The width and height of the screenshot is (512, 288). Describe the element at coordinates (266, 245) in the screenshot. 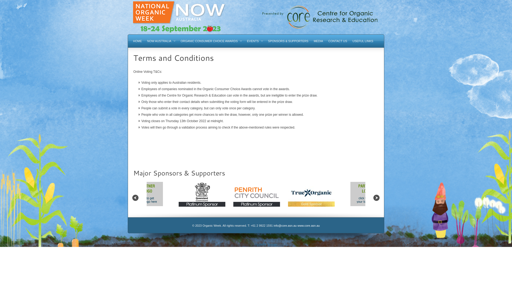

I see `'Appleby Design'` at that location.